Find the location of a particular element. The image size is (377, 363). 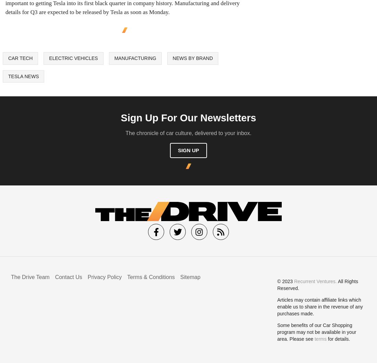

'Privacy Policy' is located at coordinates (104, 276).